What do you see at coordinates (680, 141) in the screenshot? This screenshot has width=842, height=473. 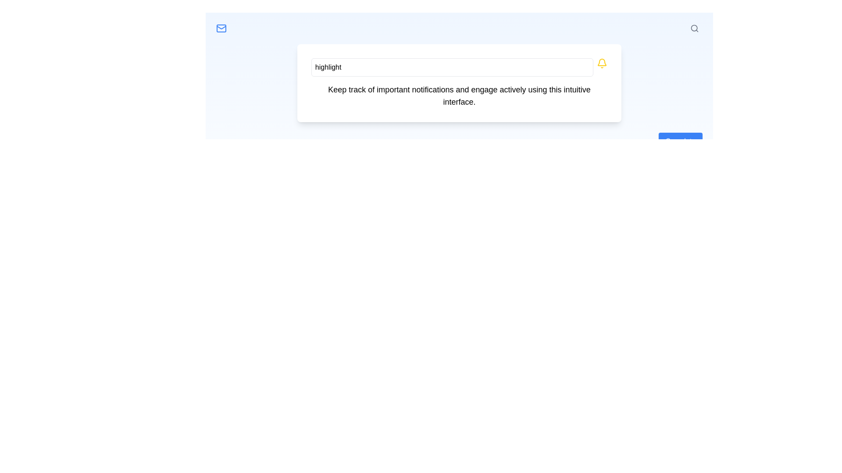 I see `the submission button located in the lower-right section of the visible card to observe any hover-related behavior` at bounding box center [680, 141].